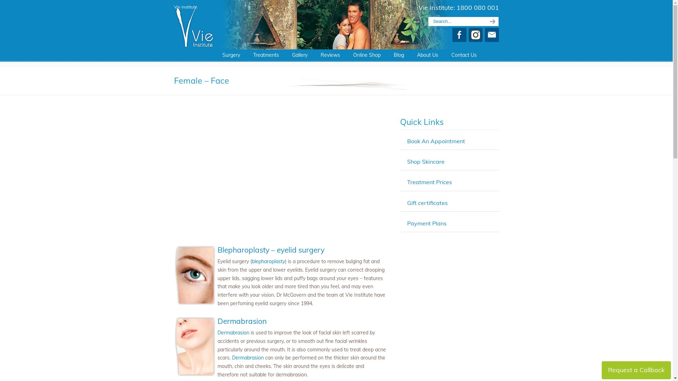  Describe the element at coordinates (426, 223) in the screenshot. I see `'Payment Plans'` at that location.